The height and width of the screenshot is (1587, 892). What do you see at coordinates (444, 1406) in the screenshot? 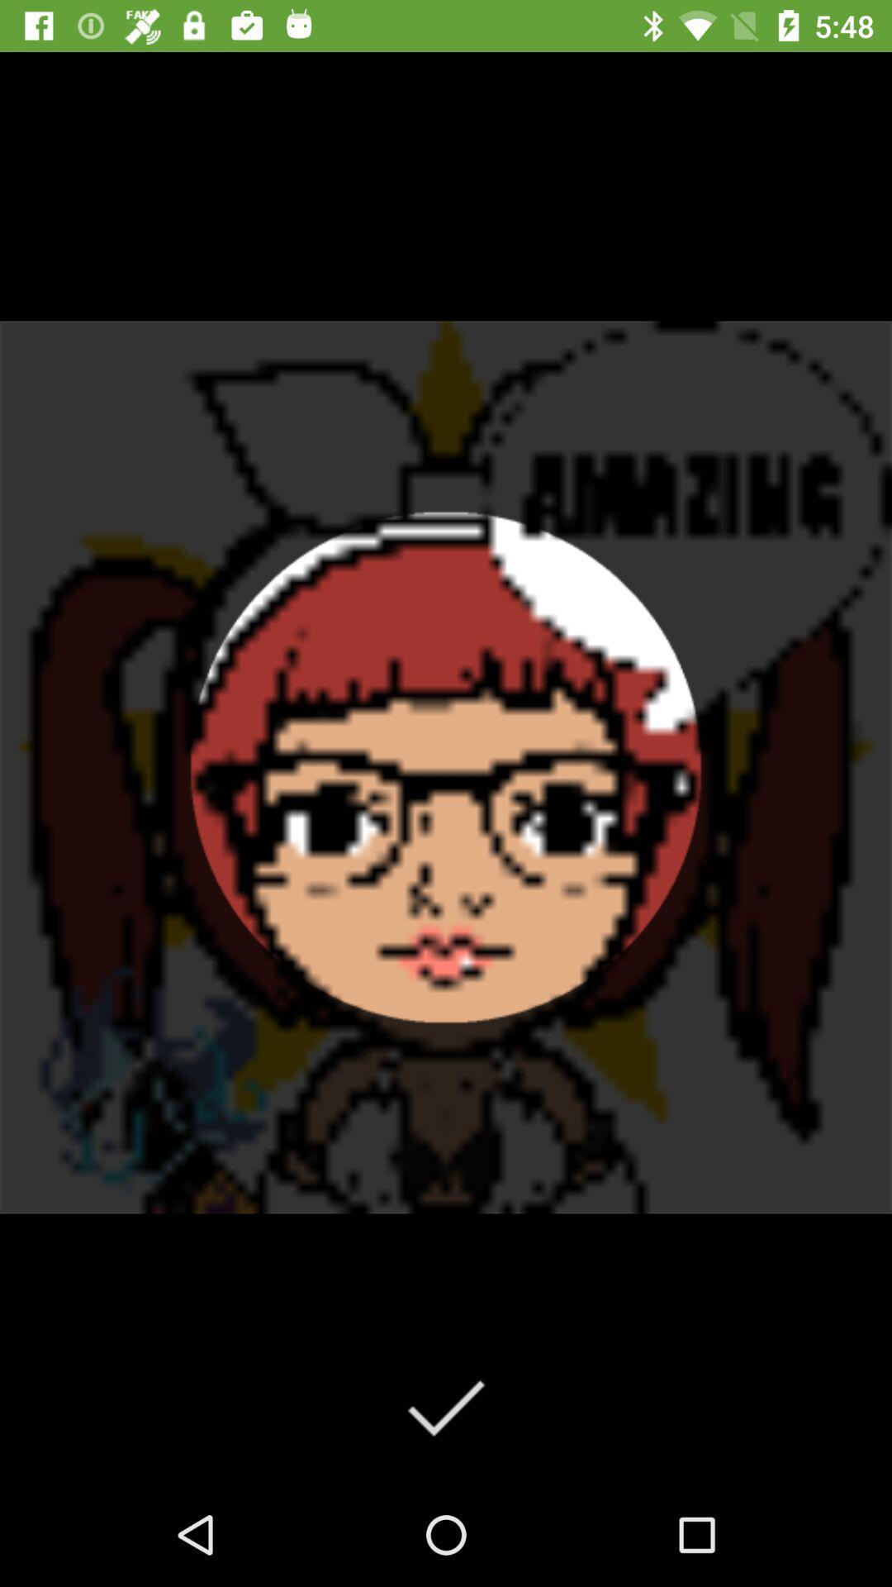
I see `confirm crop area` at bounding box center [444, 1406].